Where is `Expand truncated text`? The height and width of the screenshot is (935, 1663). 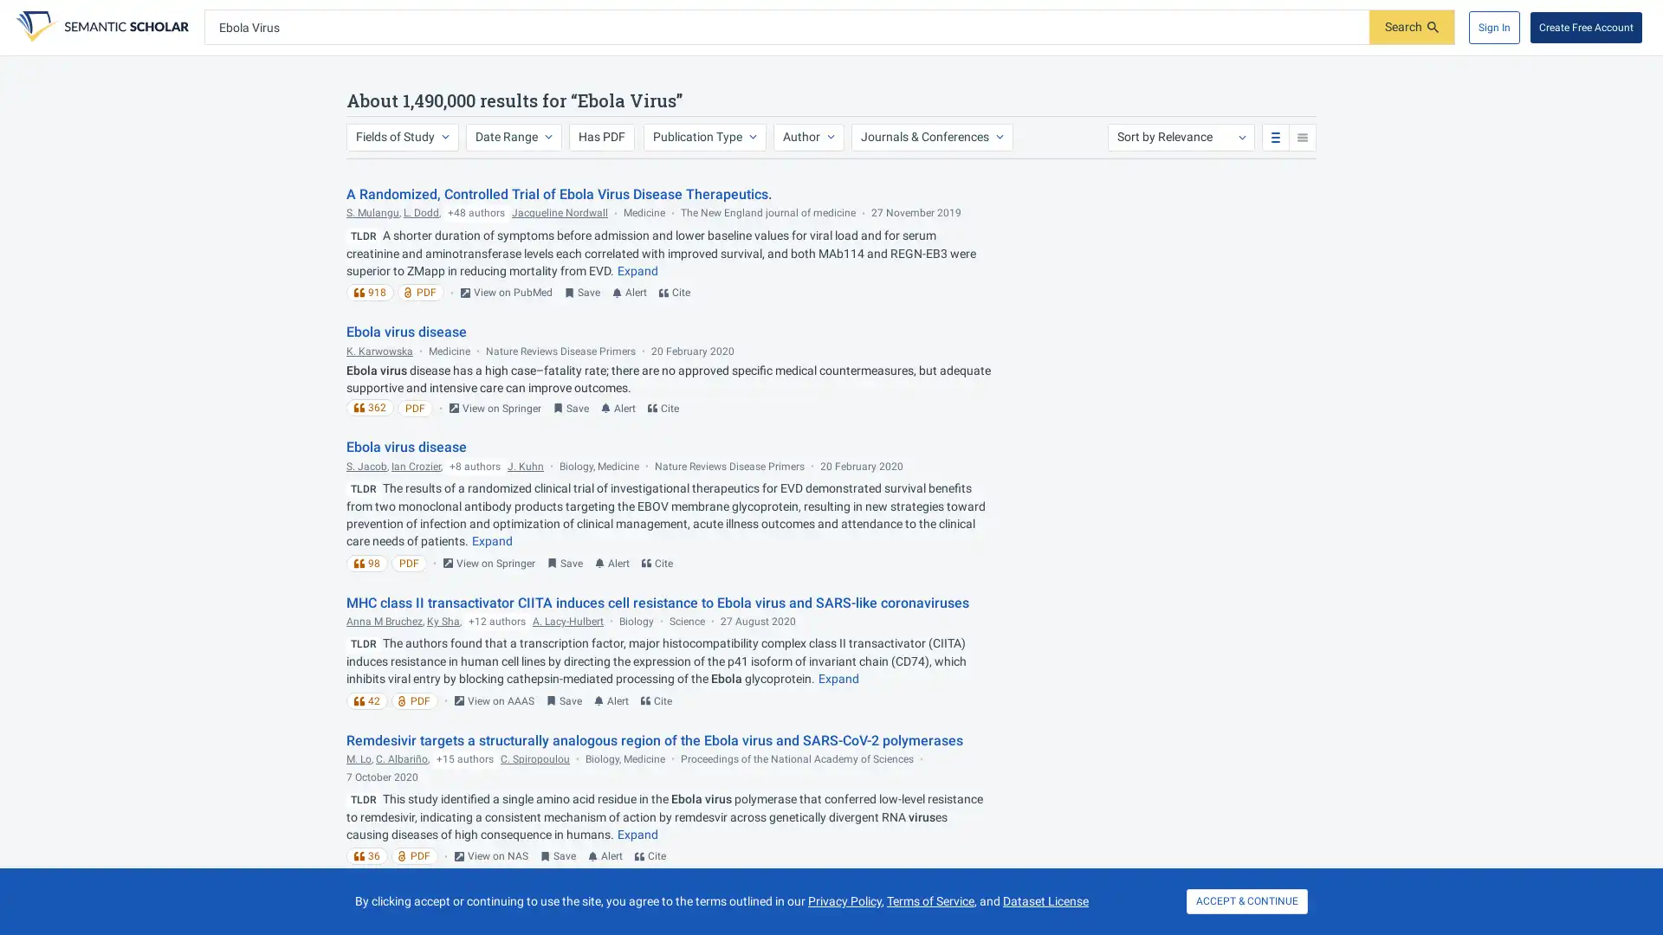
Expand truncated text is located at coordinates (491, 540).